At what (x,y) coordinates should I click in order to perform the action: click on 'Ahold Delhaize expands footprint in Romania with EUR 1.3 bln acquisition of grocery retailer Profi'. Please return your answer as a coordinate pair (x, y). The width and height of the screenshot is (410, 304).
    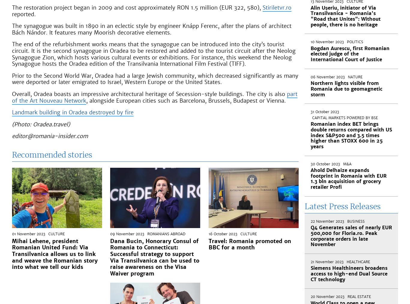
    Looking at the image, I should click on (310, 179).